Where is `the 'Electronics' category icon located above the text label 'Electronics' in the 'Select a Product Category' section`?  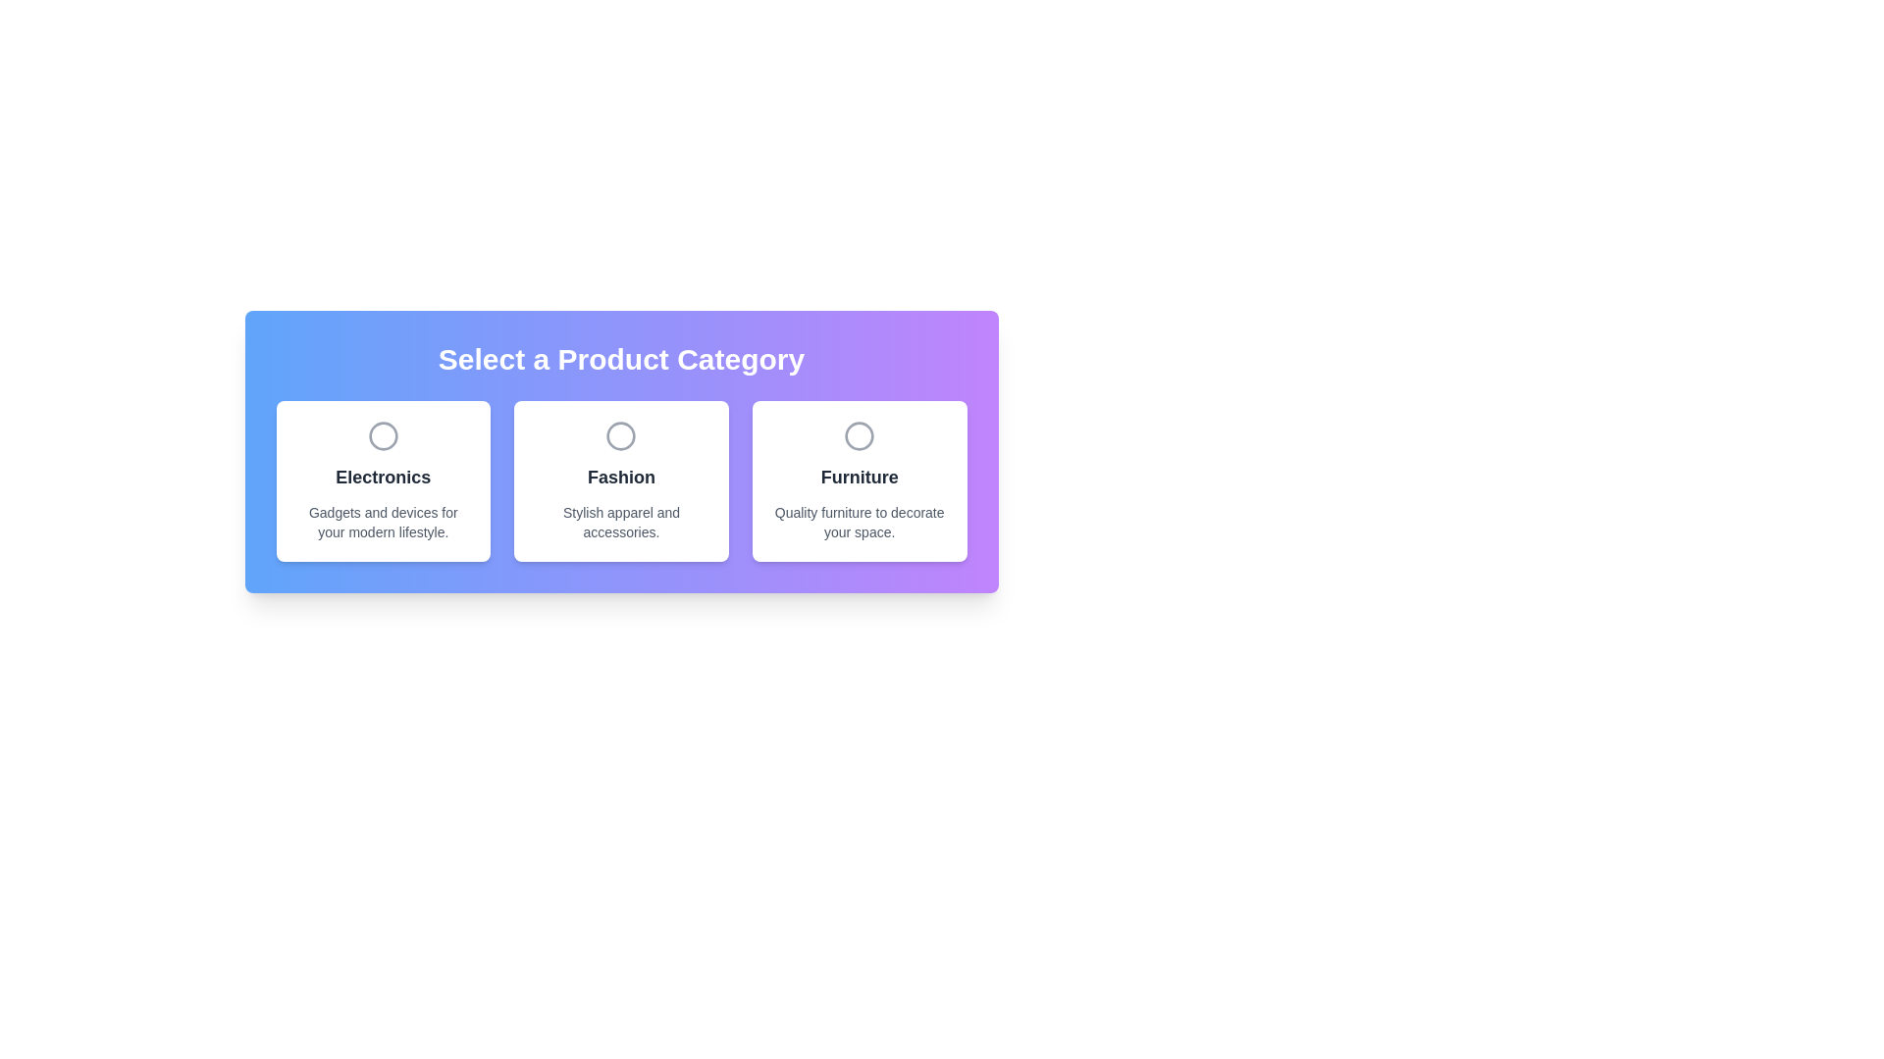 the 'Electronics' category icon located above the text label 'Electronics' in the 'Select a Product Category' section is located at coordinates (383, 434).